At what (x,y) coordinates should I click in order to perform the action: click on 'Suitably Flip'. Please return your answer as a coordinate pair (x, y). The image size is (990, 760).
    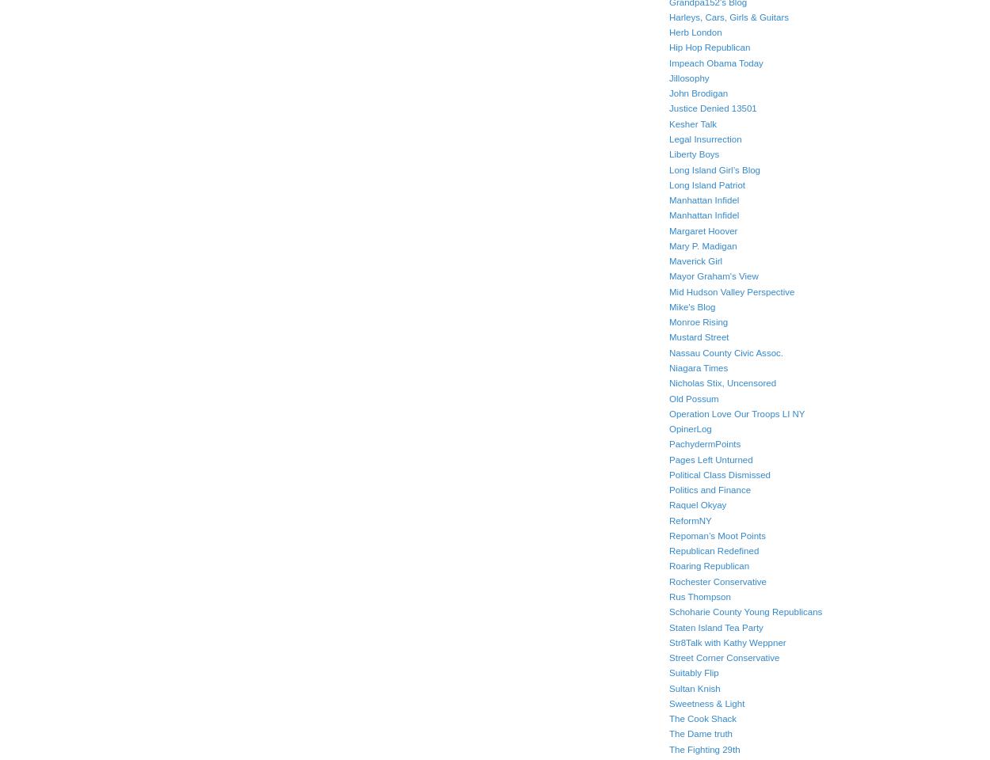
    Looking at the image, I should click on (694, 671).